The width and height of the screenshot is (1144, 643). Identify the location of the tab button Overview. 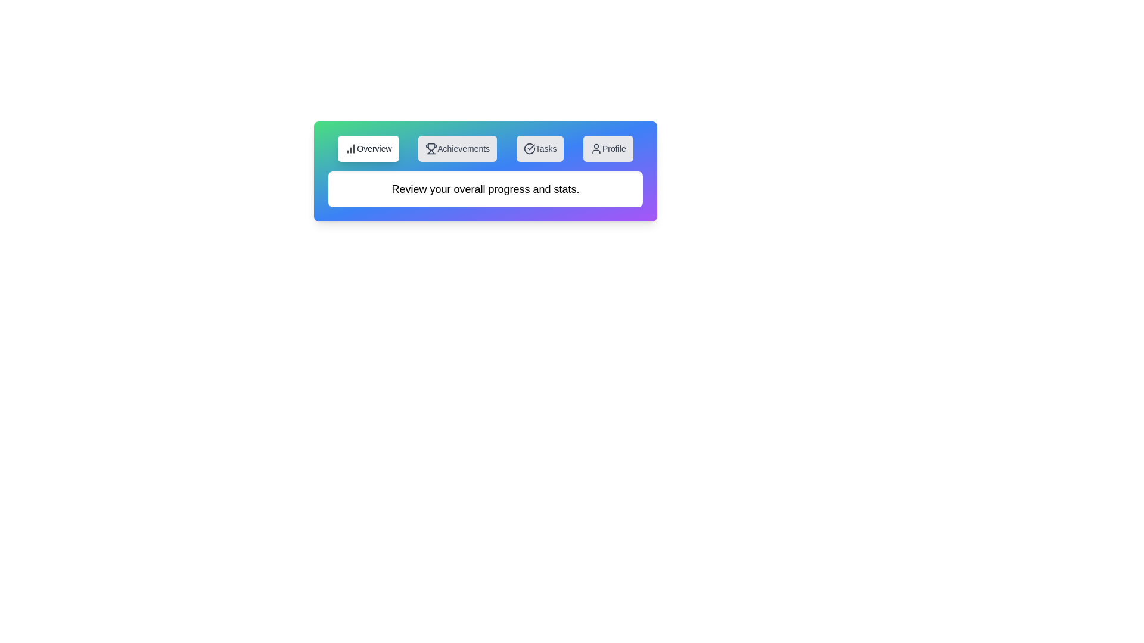
(368, 148).